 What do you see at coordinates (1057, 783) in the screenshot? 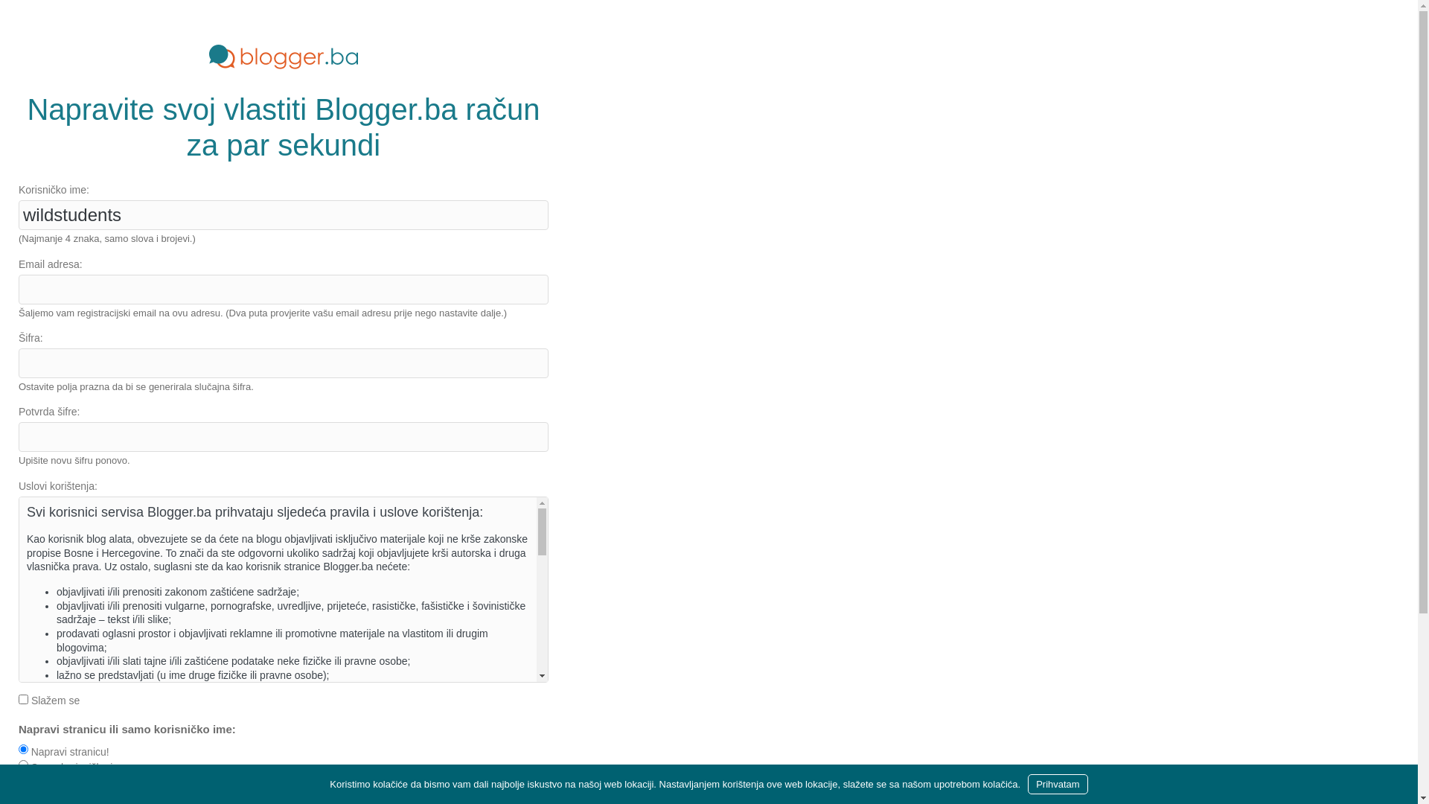
I see `'Prihvatam'` at bounding box center [1057, 783].